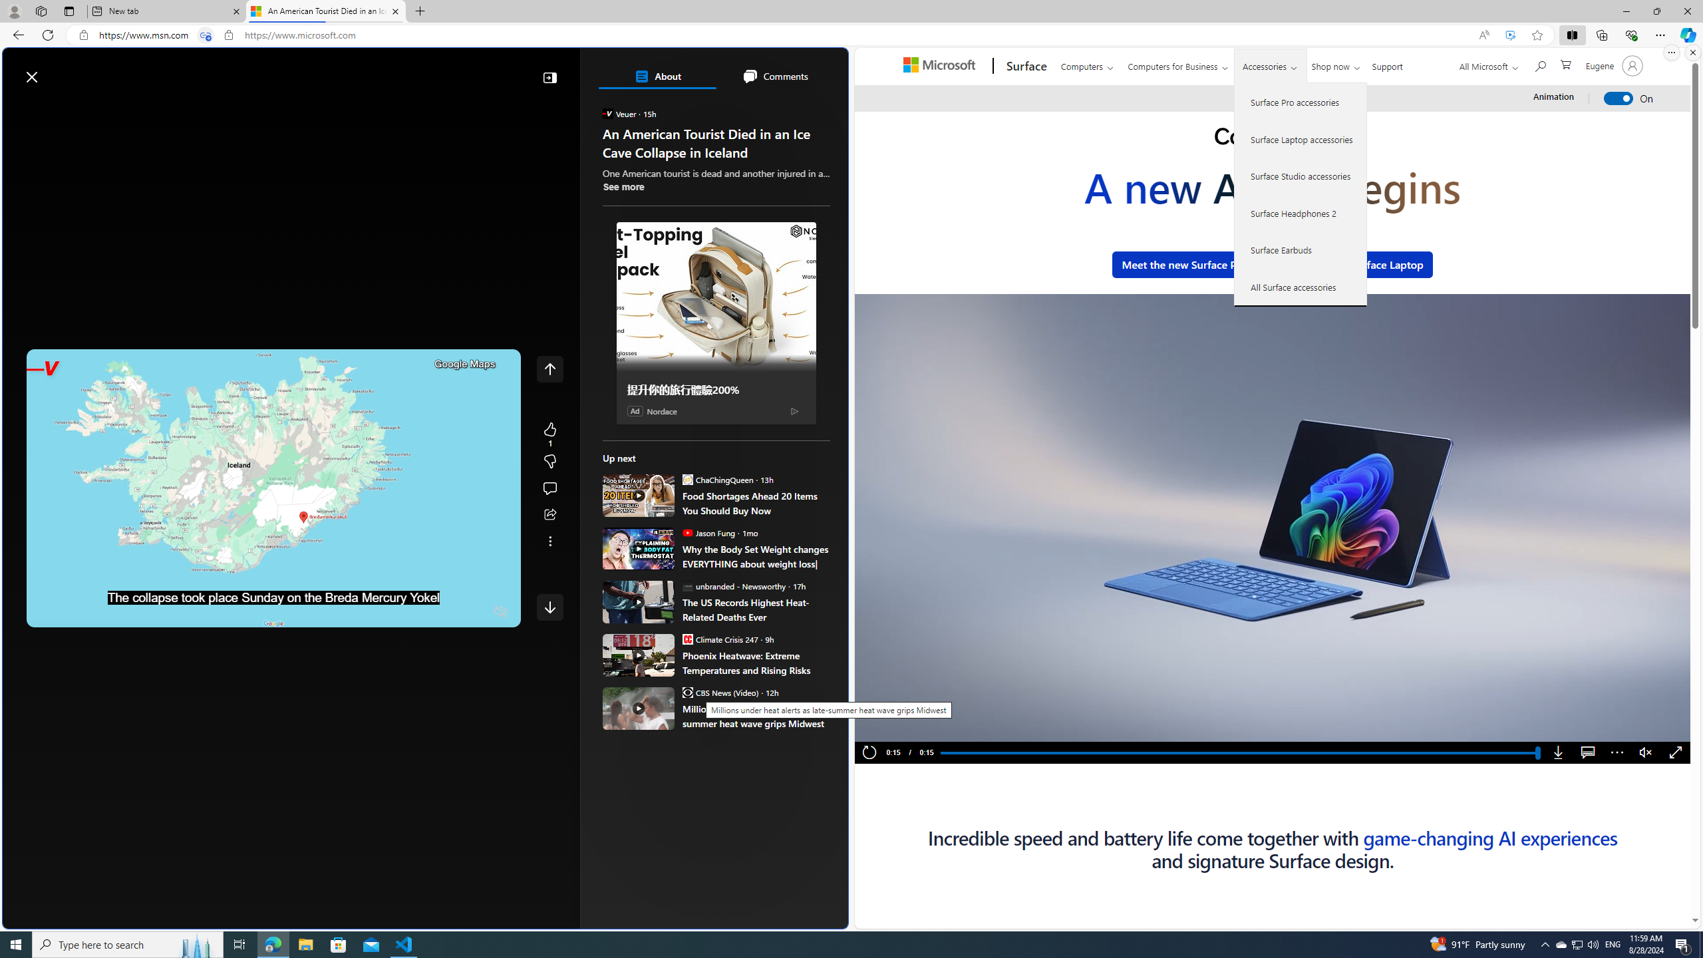 The height and width of the screenshot is (958, 1703). What do you see at coordinates (607, 112) in the screenshot?
I see `'Veuer'` at bounding box center [607, 112].